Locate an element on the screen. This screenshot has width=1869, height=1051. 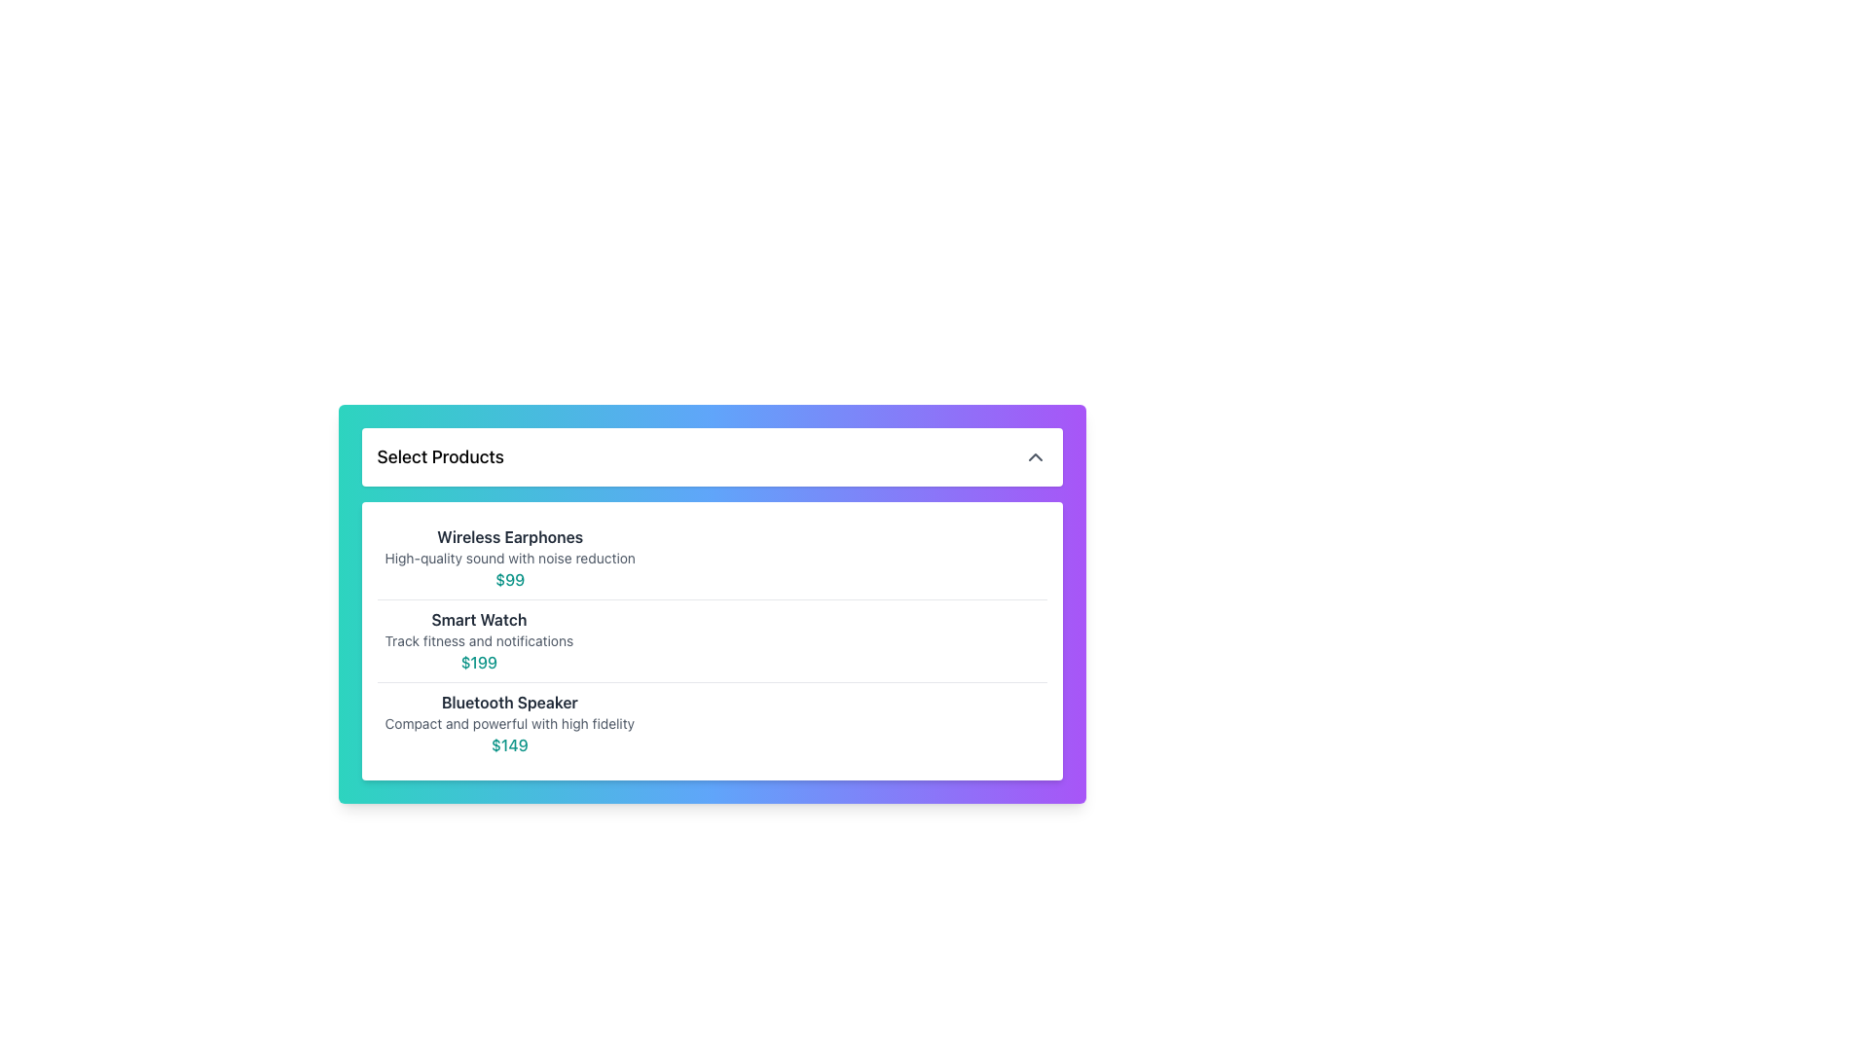
the text label at the top of the third product card is located at coordinates (509, 702).